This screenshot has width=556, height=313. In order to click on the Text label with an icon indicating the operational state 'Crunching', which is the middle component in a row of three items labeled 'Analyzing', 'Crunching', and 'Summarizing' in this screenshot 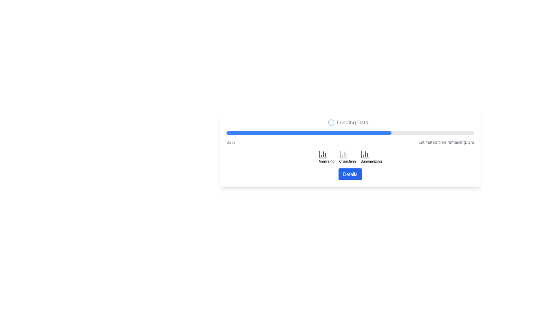, I will do `click(348, 156)`.